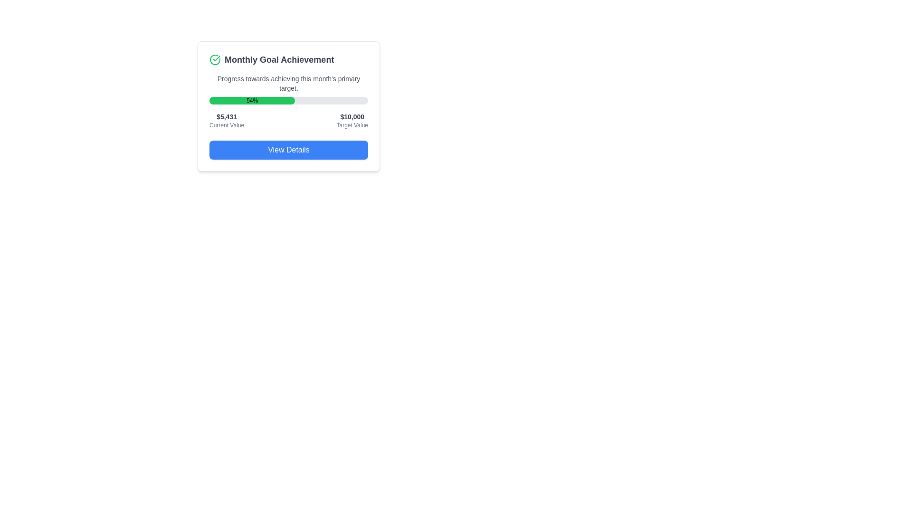 This screenshot has height=513, width=912. What do you see at coordinates (279, 60) in the screenshot?
I see `Text header that serves as a title for the monthly goals information, located in the card interface to the right of a green checkmark icon` at bounding box center [279, 60].